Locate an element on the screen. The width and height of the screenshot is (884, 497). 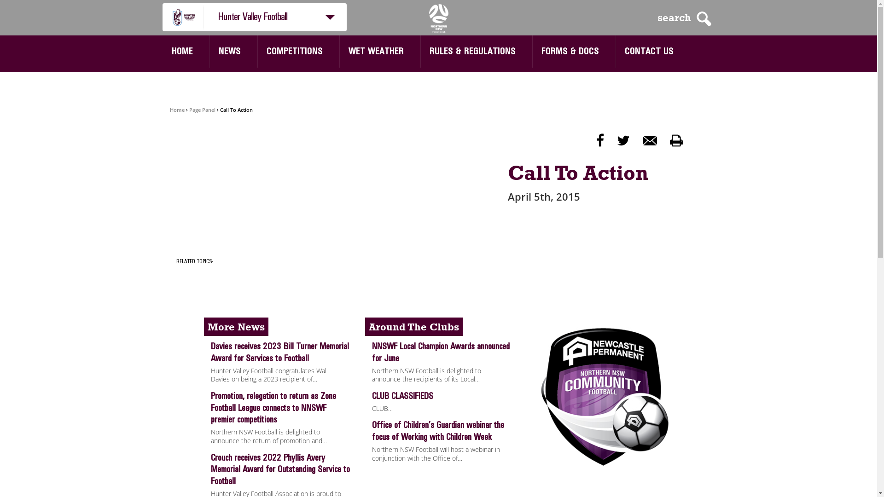
'S' is located at coordinates (703, 19).